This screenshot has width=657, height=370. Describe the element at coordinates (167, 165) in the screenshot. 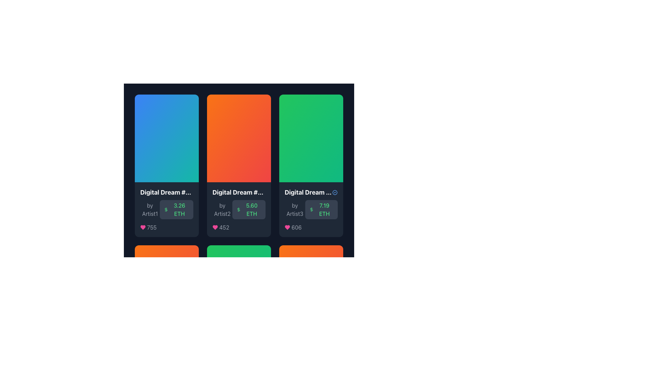

I see `the first card in the digital gallery that displays a product preview, title, creator, price, and social engagement metrics` at that location.